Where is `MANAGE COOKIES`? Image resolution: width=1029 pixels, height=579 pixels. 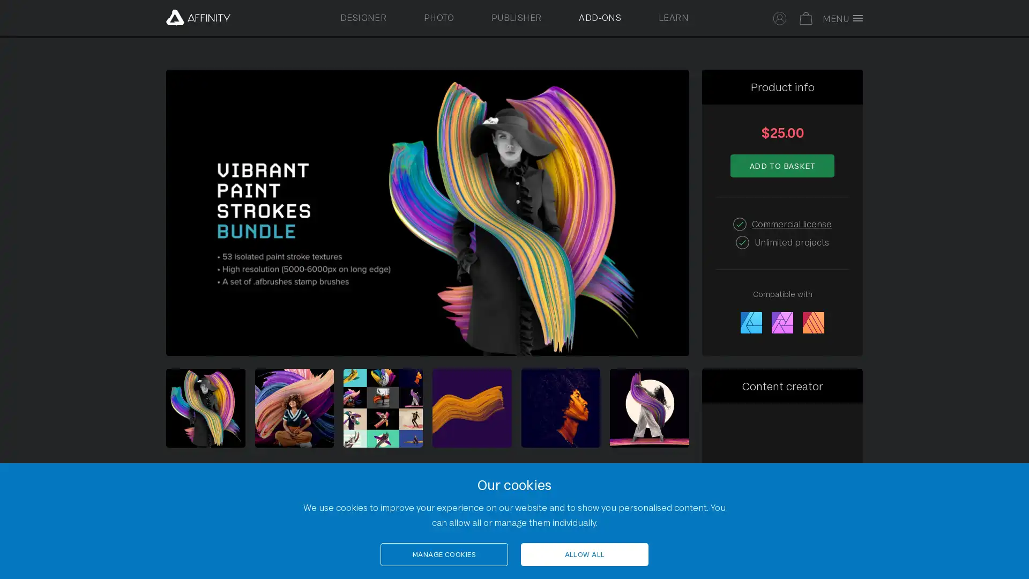 MANAGE COOKIES is located at coordinates (444, 554).